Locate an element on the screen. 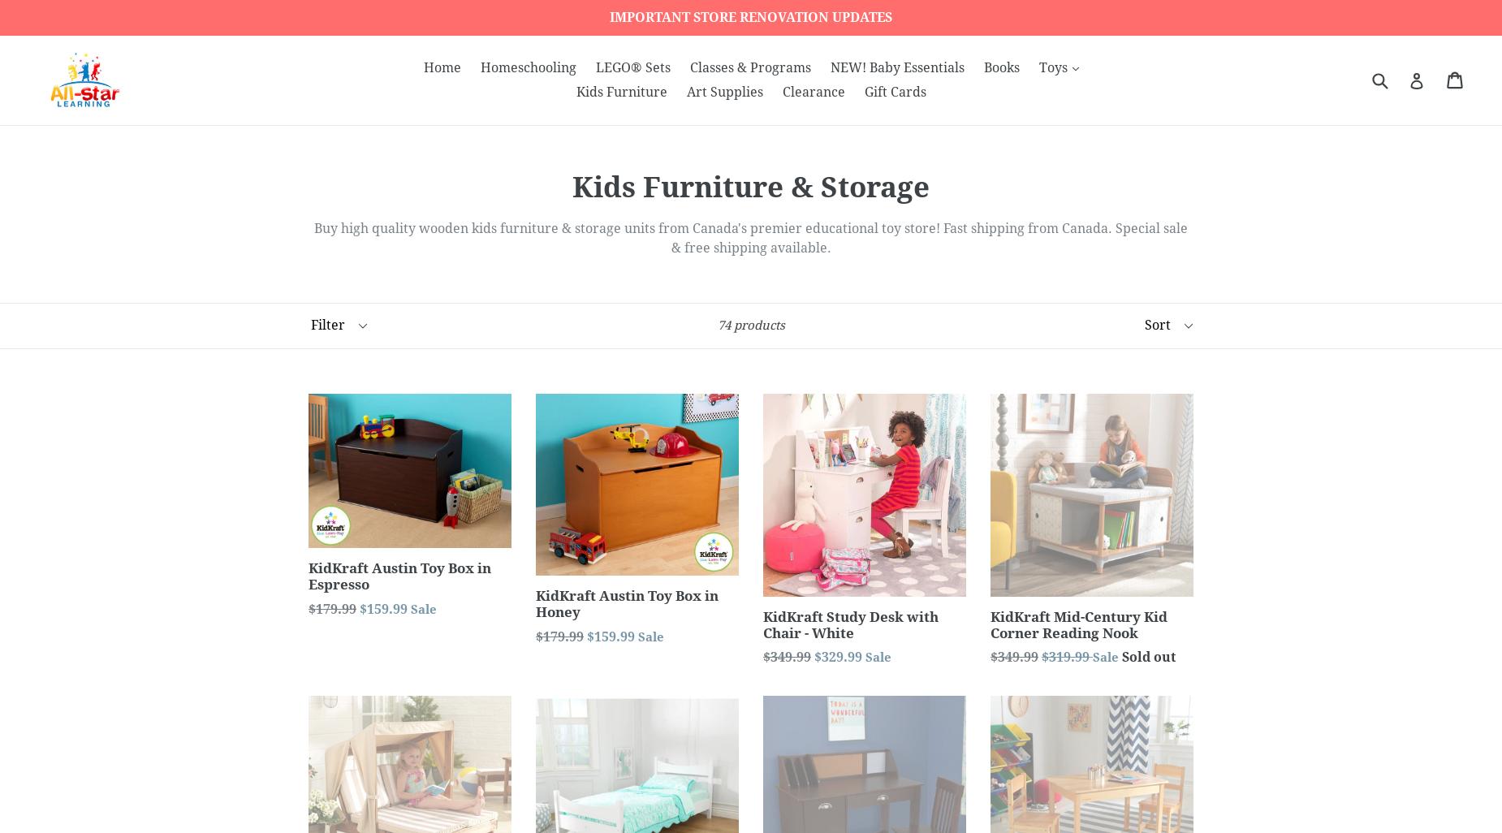  'NEW! Baby Essentials' is located at coordinates (896, 67).